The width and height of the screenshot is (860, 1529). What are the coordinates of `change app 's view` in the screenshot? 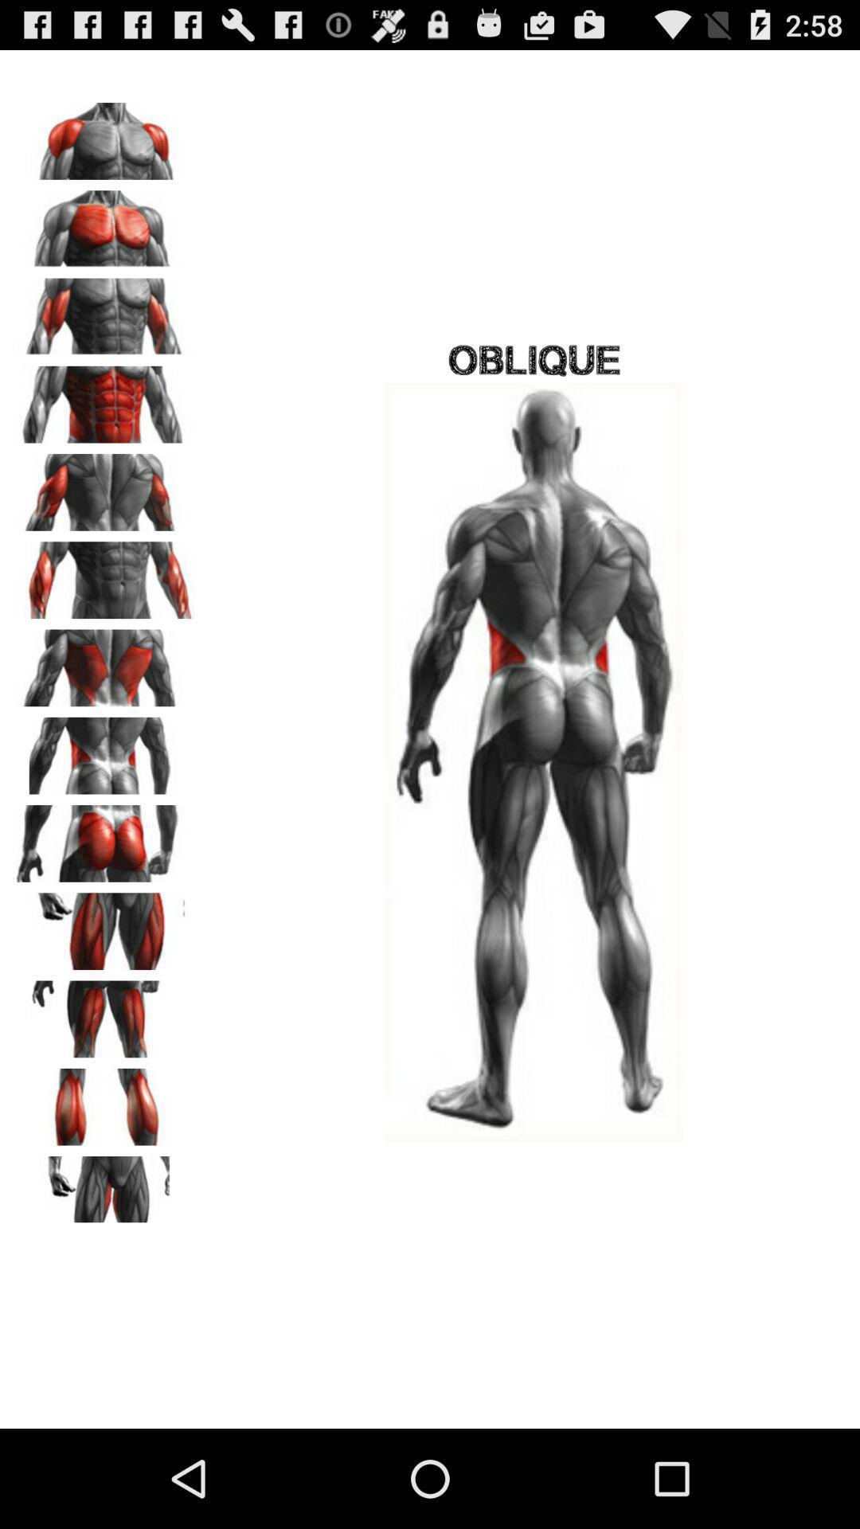 It's located at (104, 663).